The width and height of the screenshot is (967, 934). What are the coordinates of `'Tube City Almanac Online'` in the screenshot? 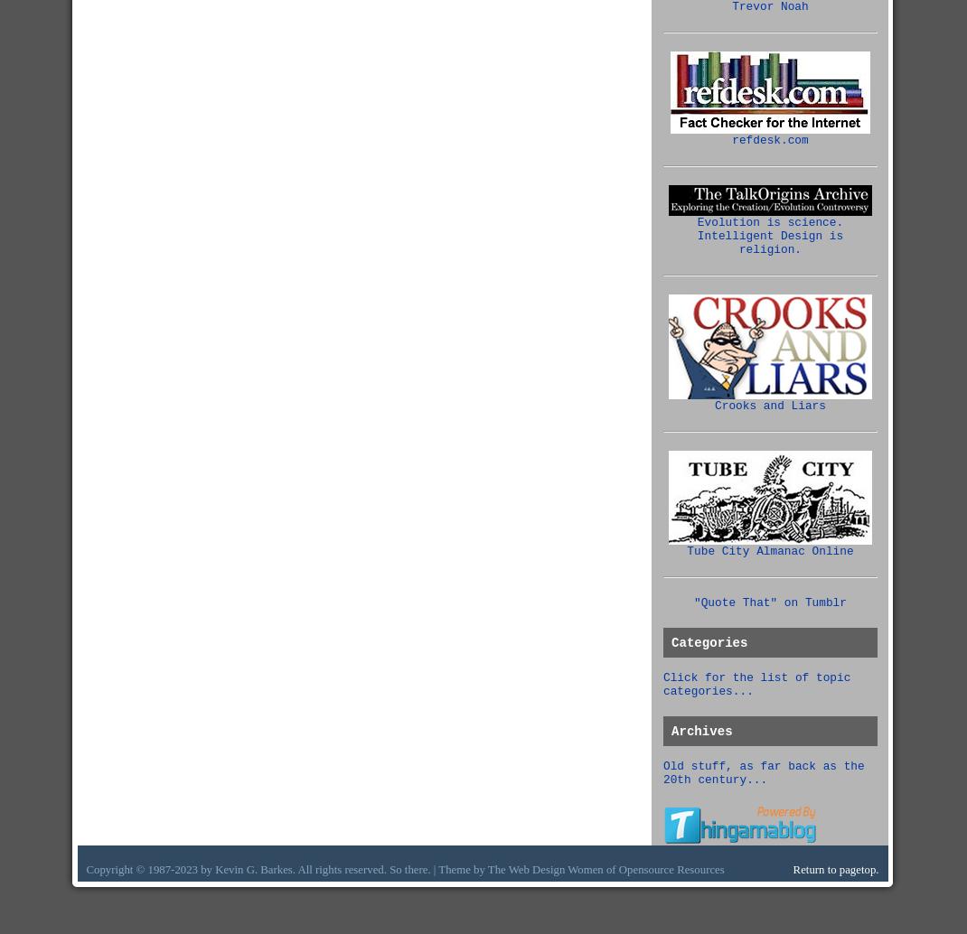 It's located at (770, 551).